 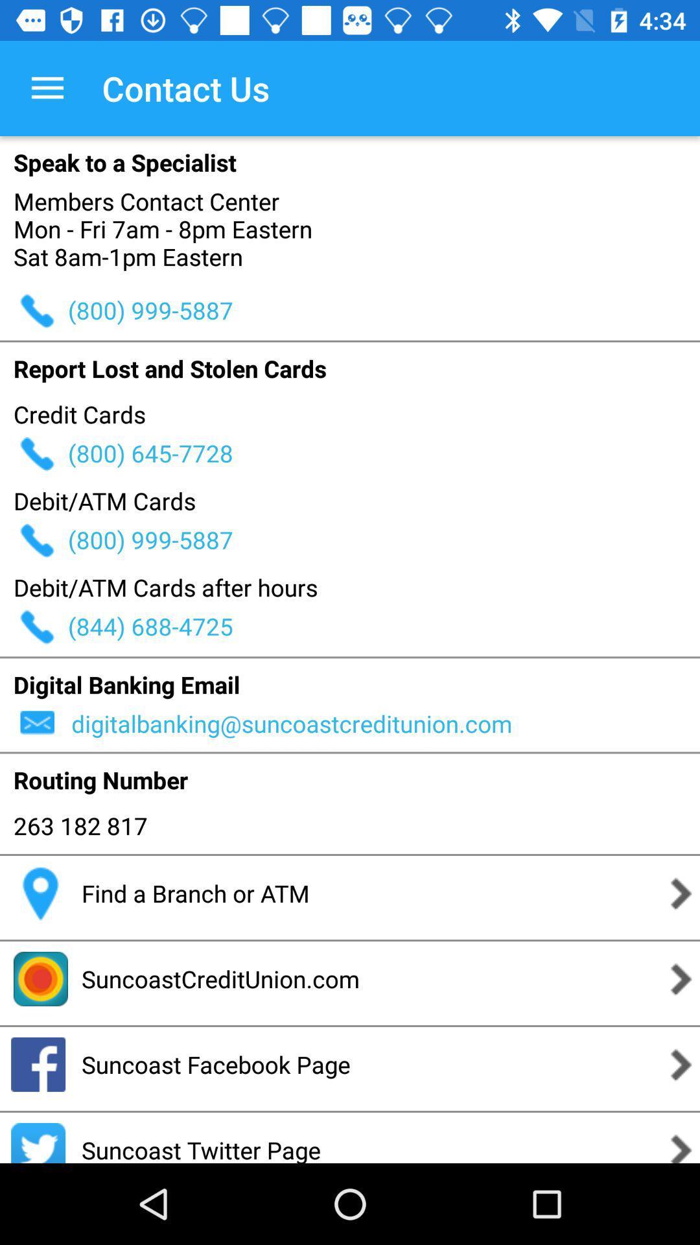 I want to click on (844) 688-4725 icon, so click(x=383, y=626).